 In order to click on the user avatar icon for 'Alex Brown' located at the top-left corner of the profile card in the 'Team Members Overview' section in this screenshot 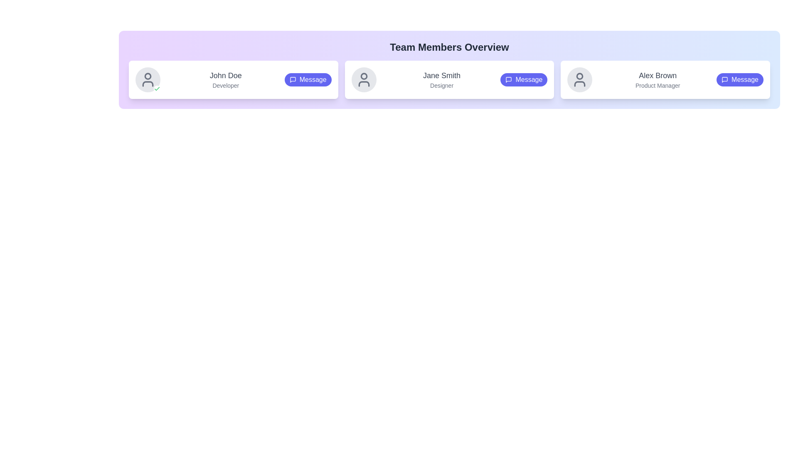, I will do `click(579, 80)`.